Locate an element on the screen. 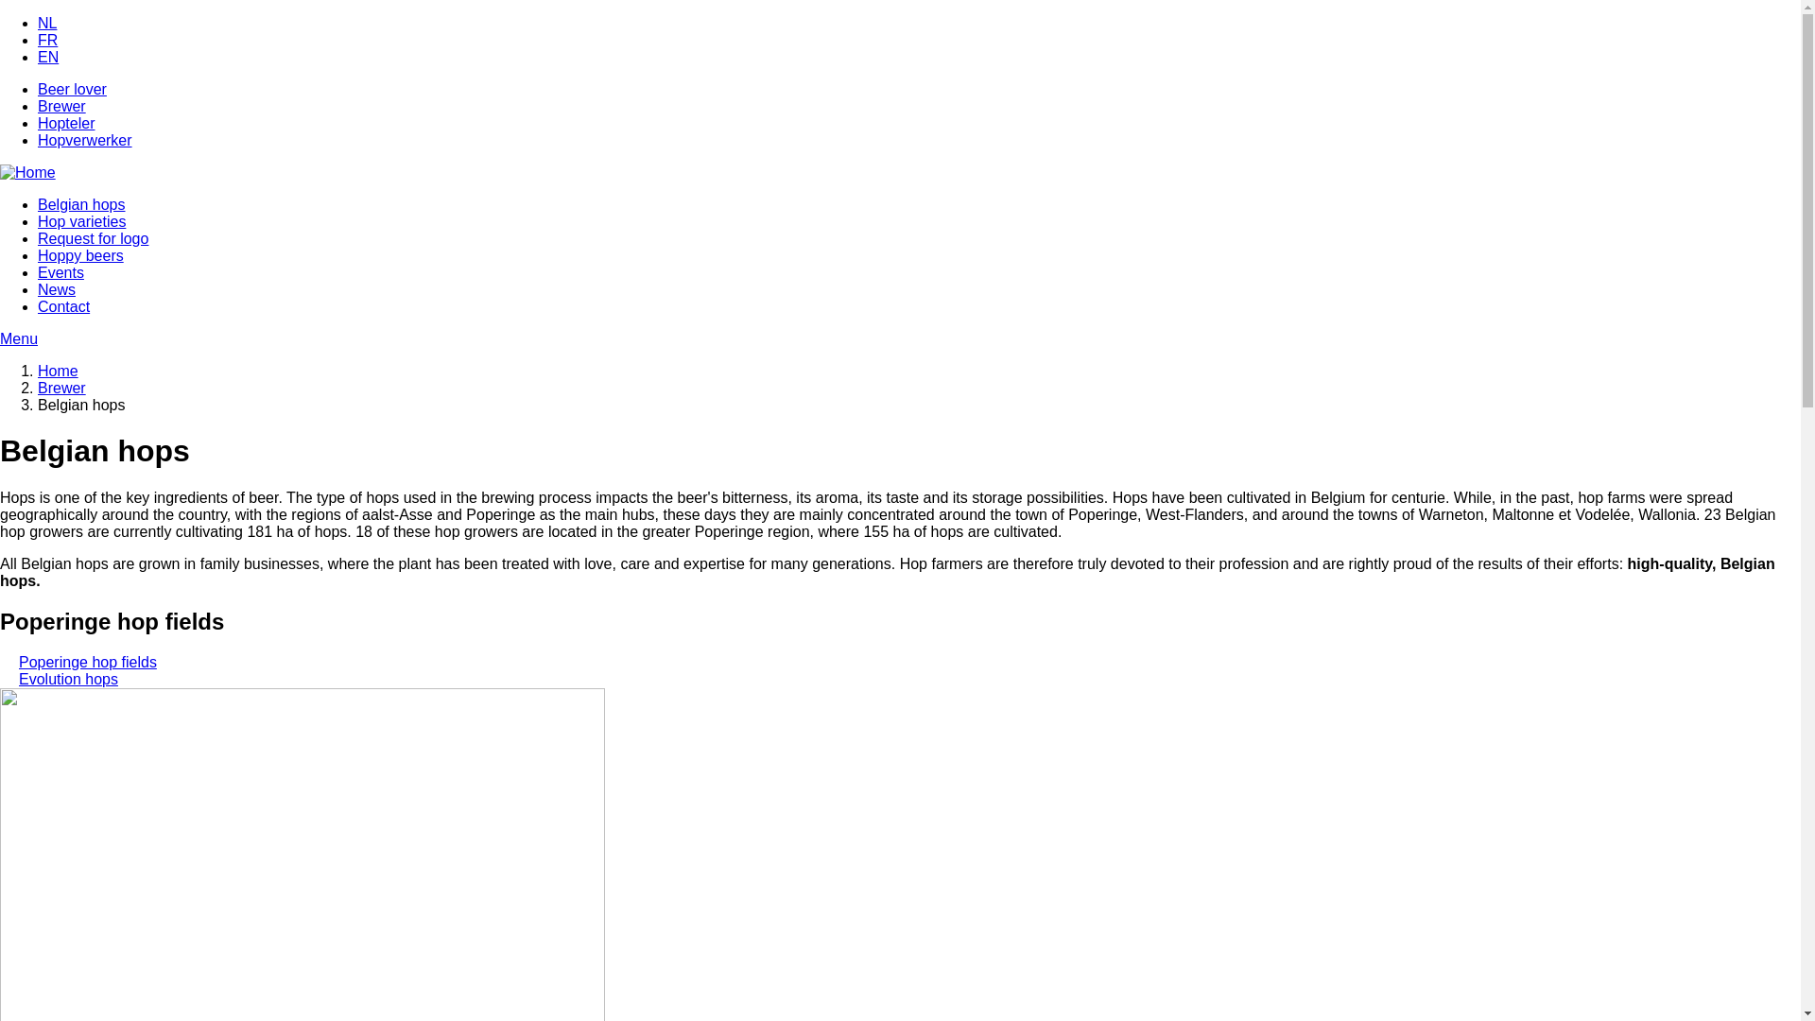 Image resolution: width=1815 pixels, height=1021 pixels. 'Contact' is located at coordinates (37, 305).